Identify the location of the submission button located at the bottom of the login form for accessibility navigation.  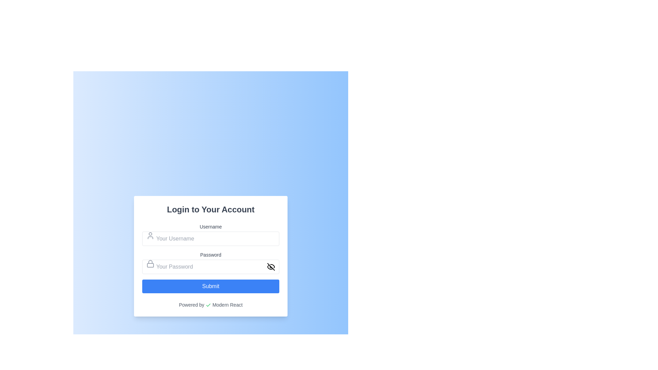
(210, 286).